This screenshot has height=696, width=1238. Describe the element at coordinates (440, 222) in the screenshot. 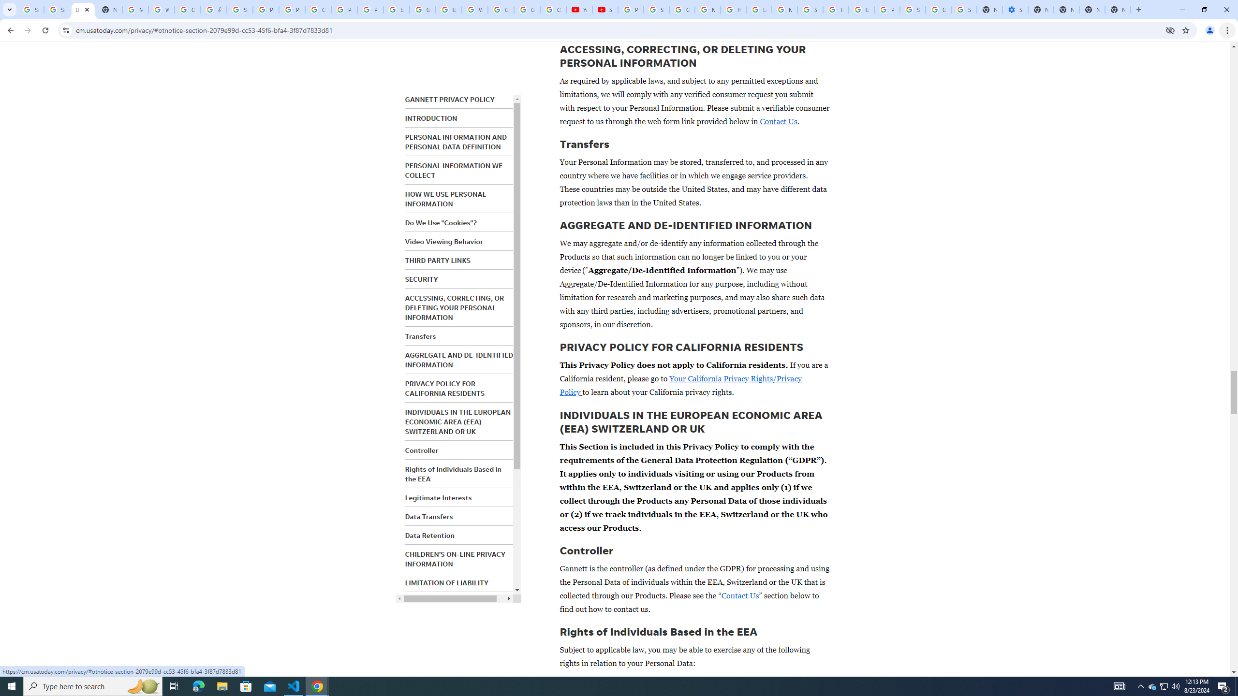

I see `'Do We Use "Cookies"?'` at that location.